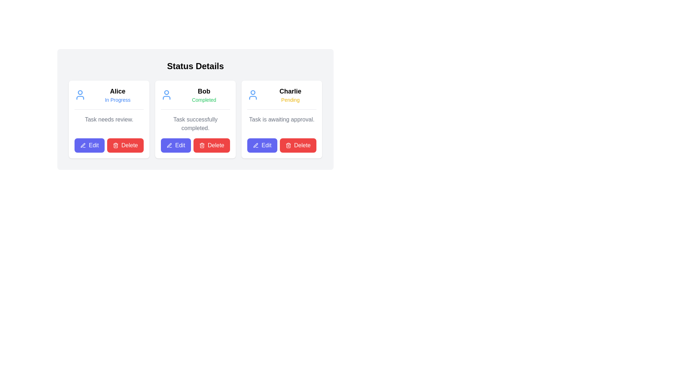 The image size is (688, 387). I want to click on the trash can icon within the 'Delete' button associated with 'Bob', so click(115, 145).